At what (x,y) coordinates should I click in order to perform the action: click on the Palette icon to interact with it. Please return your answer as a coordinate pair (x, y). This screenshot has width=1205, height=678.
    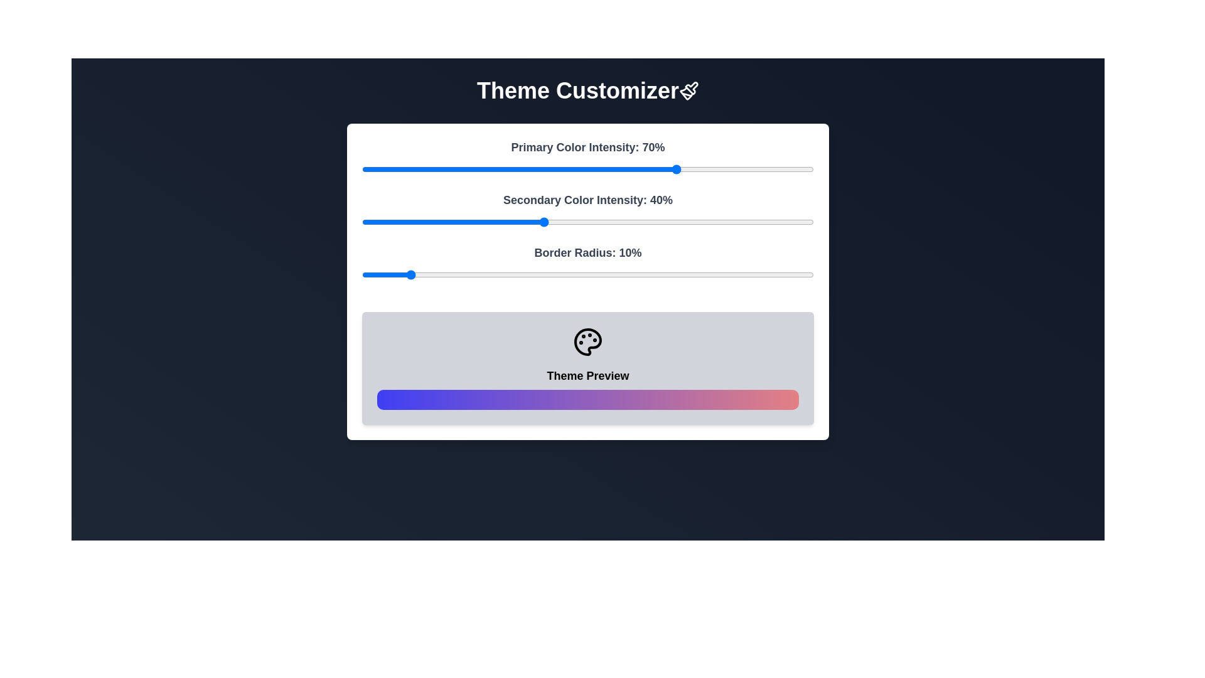
    Looking at the image, I should click on (587, 342).